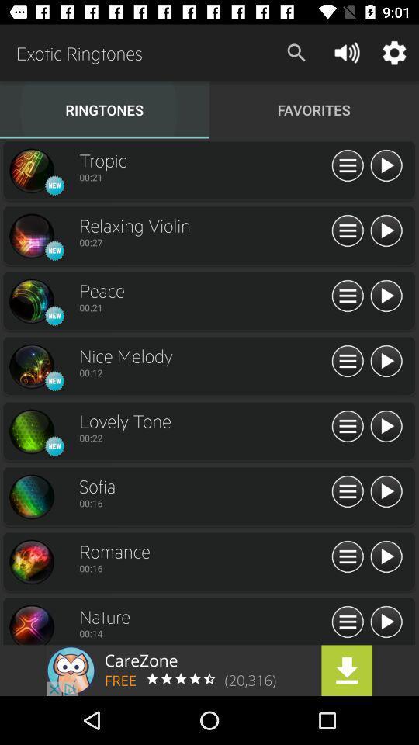 This screenshot has height=745, width=419. Describe the element at coordinates (348, 166) in the screenshot. I see `more options` at that location.